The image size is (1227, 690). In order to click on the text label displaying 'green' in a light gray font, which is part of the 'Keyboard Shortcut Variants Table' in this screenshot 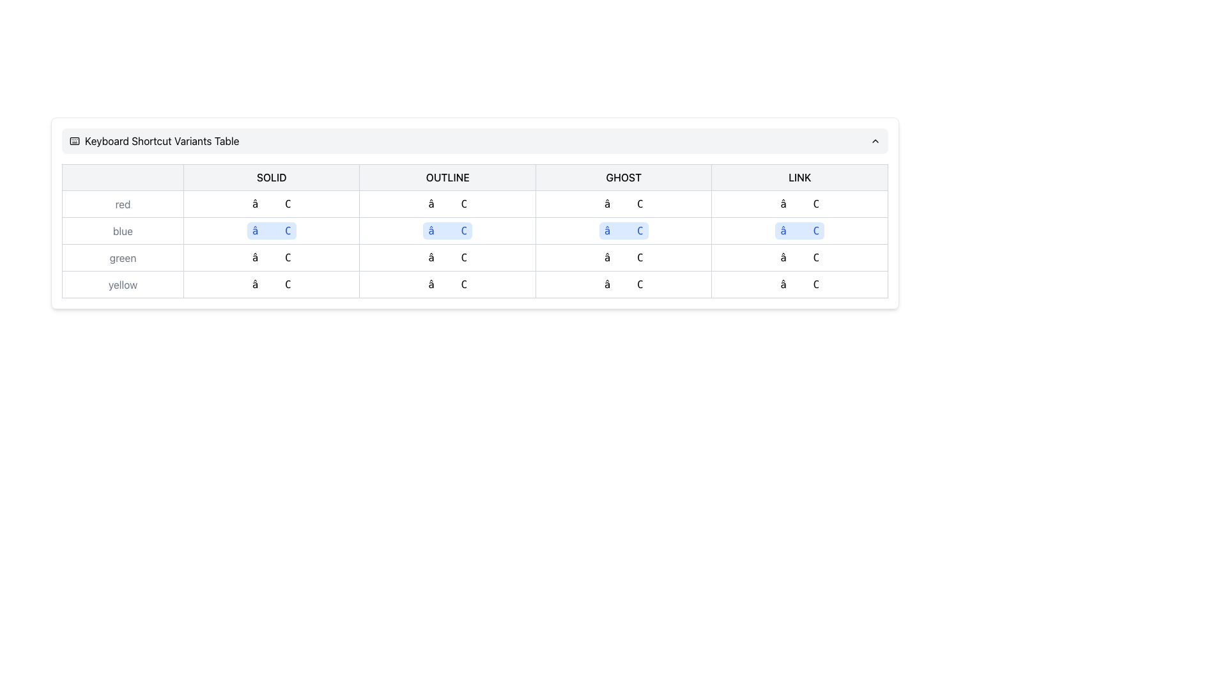, I will do `click(123, 257)`.